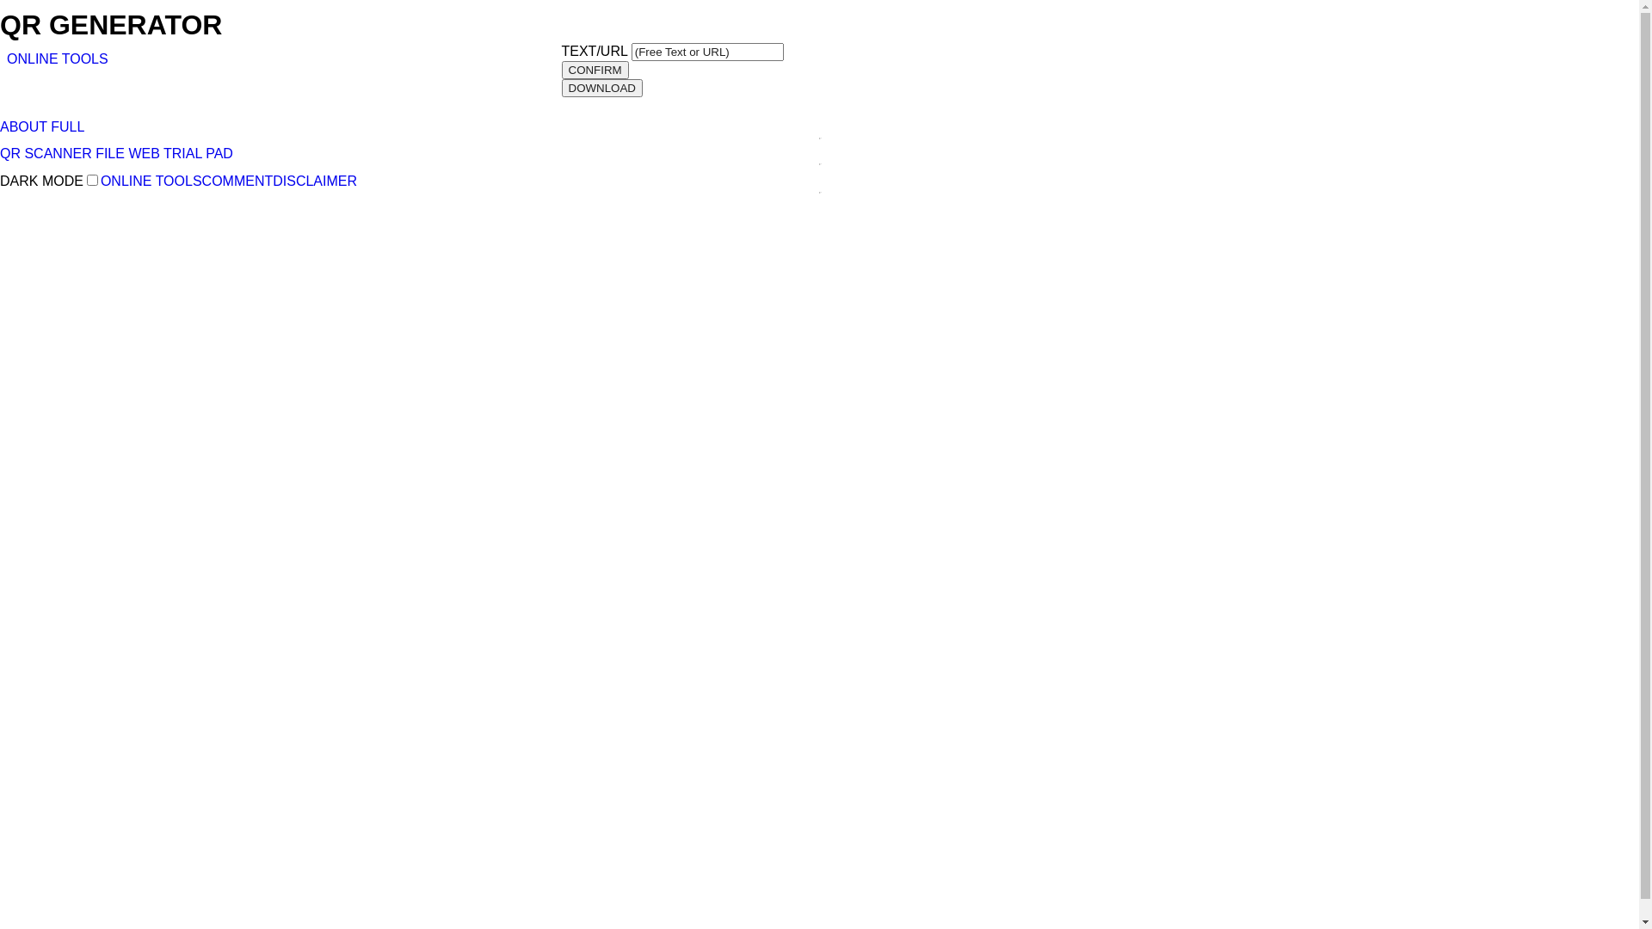 This screenshot has height=929, width=1652. What do you see at coordinates (314, 181) in the screenshot?
I see `'DISCLAIMER'` at bounding box center [314, 181].